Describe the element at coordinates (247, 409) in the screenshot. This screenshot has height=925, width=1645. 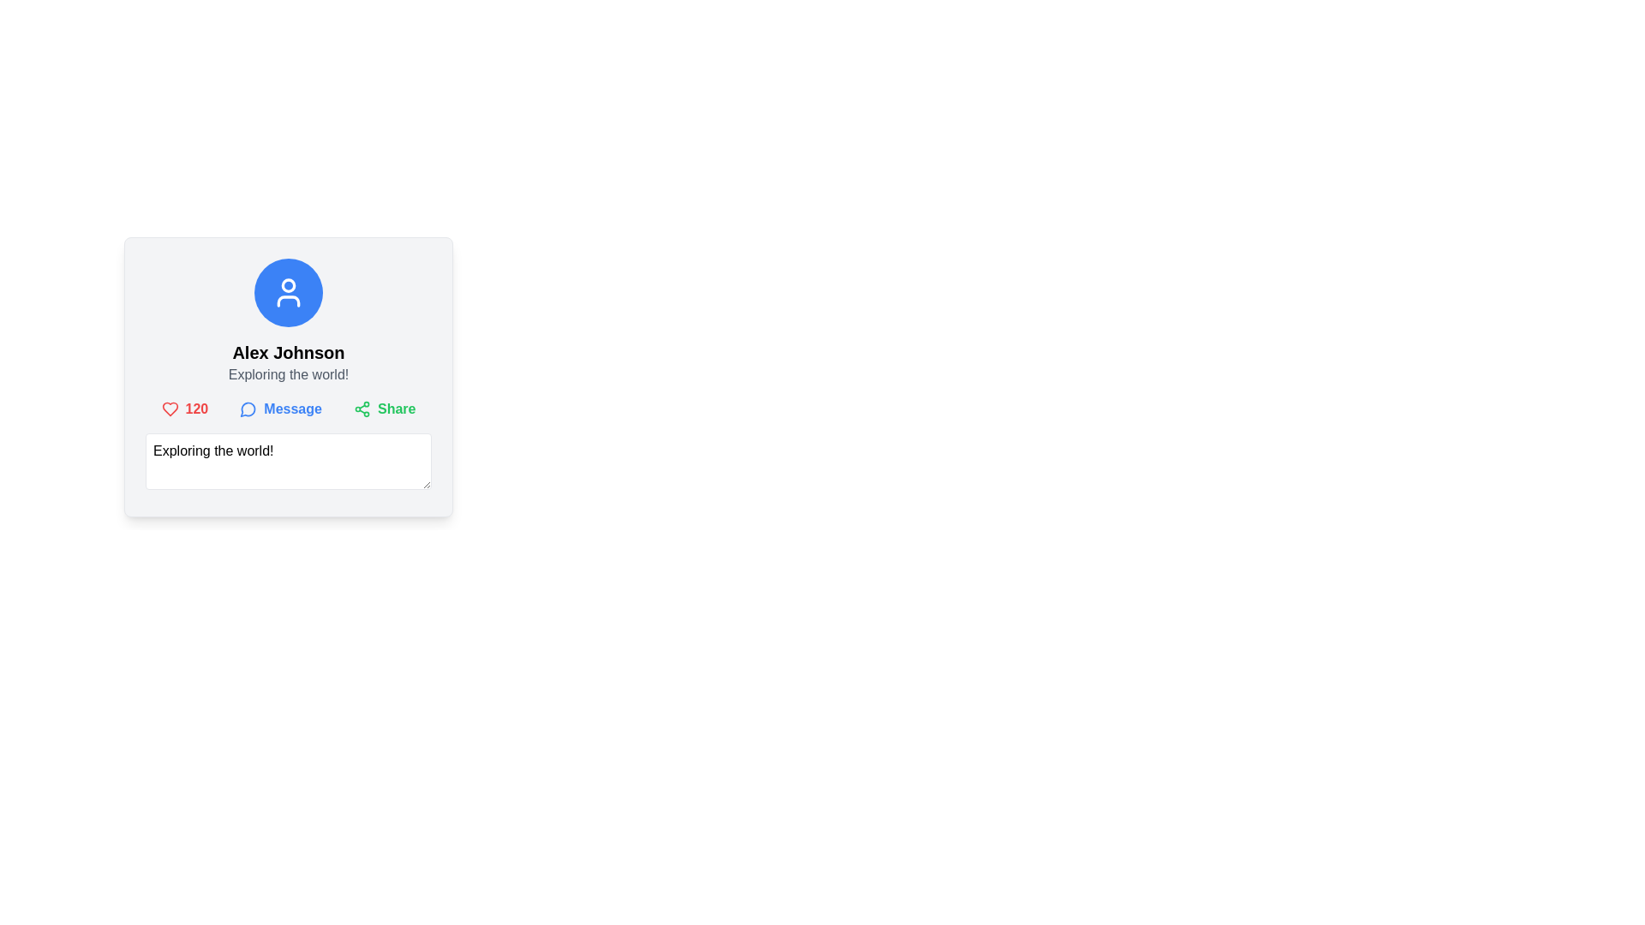
I see `the 'Message' action icon, which is an SVG graphical element indicating messaging or communication features, located below the profile name and image` at that location.